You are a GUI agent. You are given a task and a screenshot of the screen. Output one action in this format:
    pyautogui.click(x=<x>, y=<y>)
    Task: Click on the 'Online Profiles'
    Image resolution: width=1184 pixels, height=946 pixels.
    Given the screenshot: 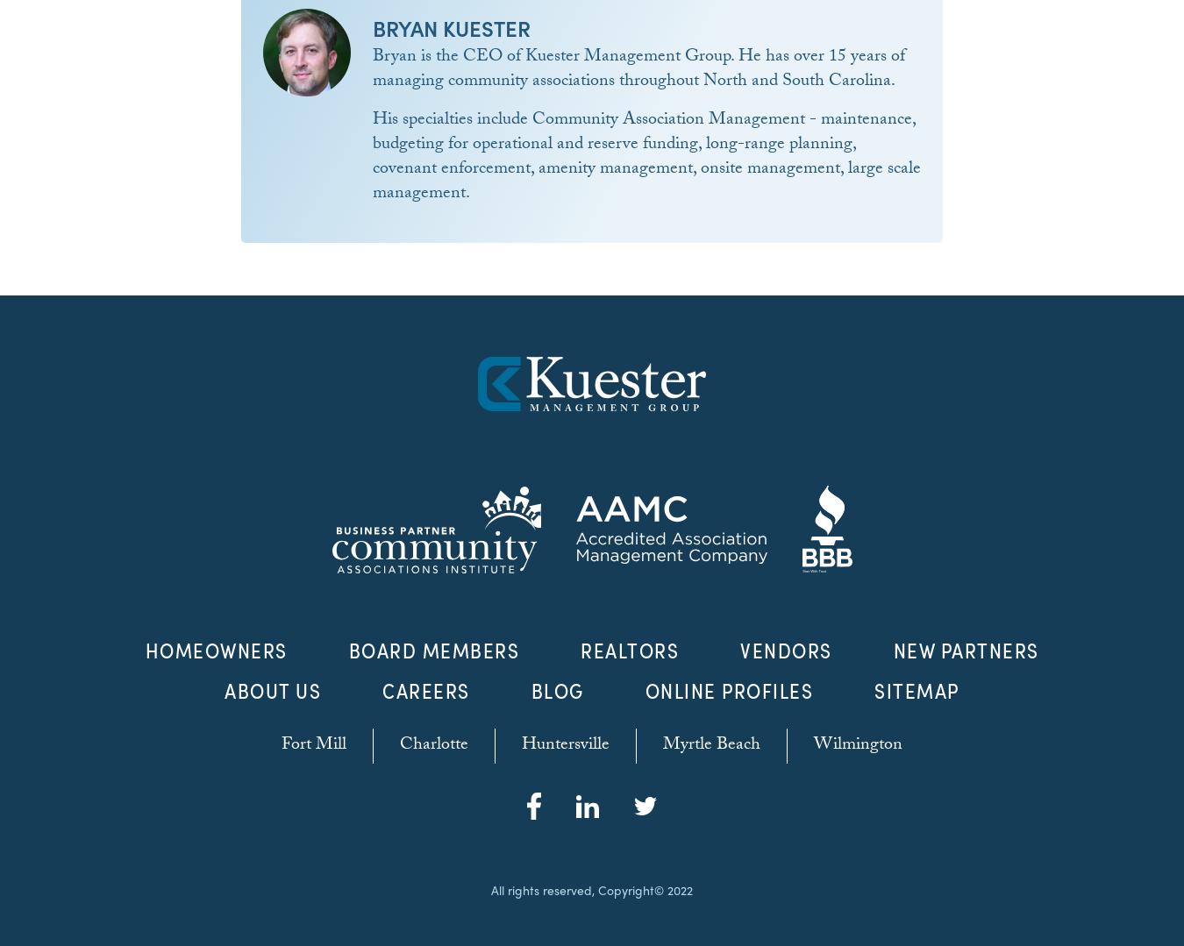 What is the action you would take?
    pyautogui.click(x=643, y=690)
    